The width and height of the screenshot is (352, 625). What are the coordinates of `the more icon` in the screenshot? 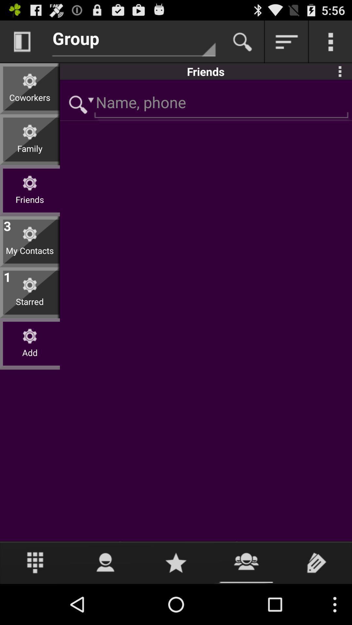 It's located at (340, 76).